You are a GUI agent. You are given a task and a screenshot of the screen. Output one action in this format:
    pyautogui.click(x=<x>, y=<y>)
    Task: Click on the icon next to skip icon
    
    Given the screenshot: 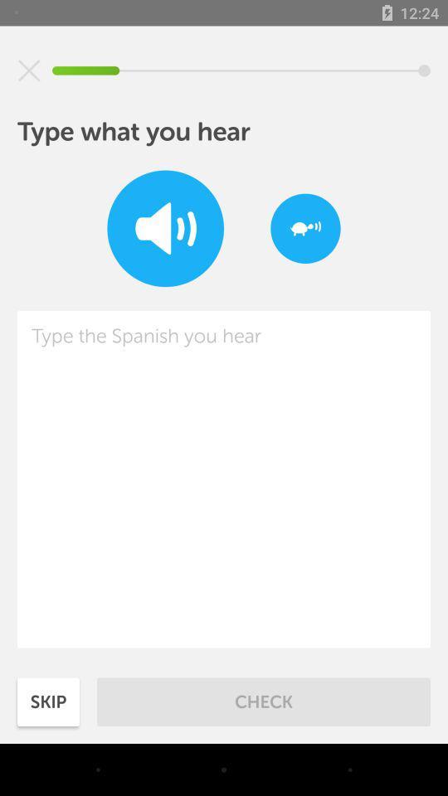 What is the action you would take?
    pyautogui.click(x=264, y=701)
    